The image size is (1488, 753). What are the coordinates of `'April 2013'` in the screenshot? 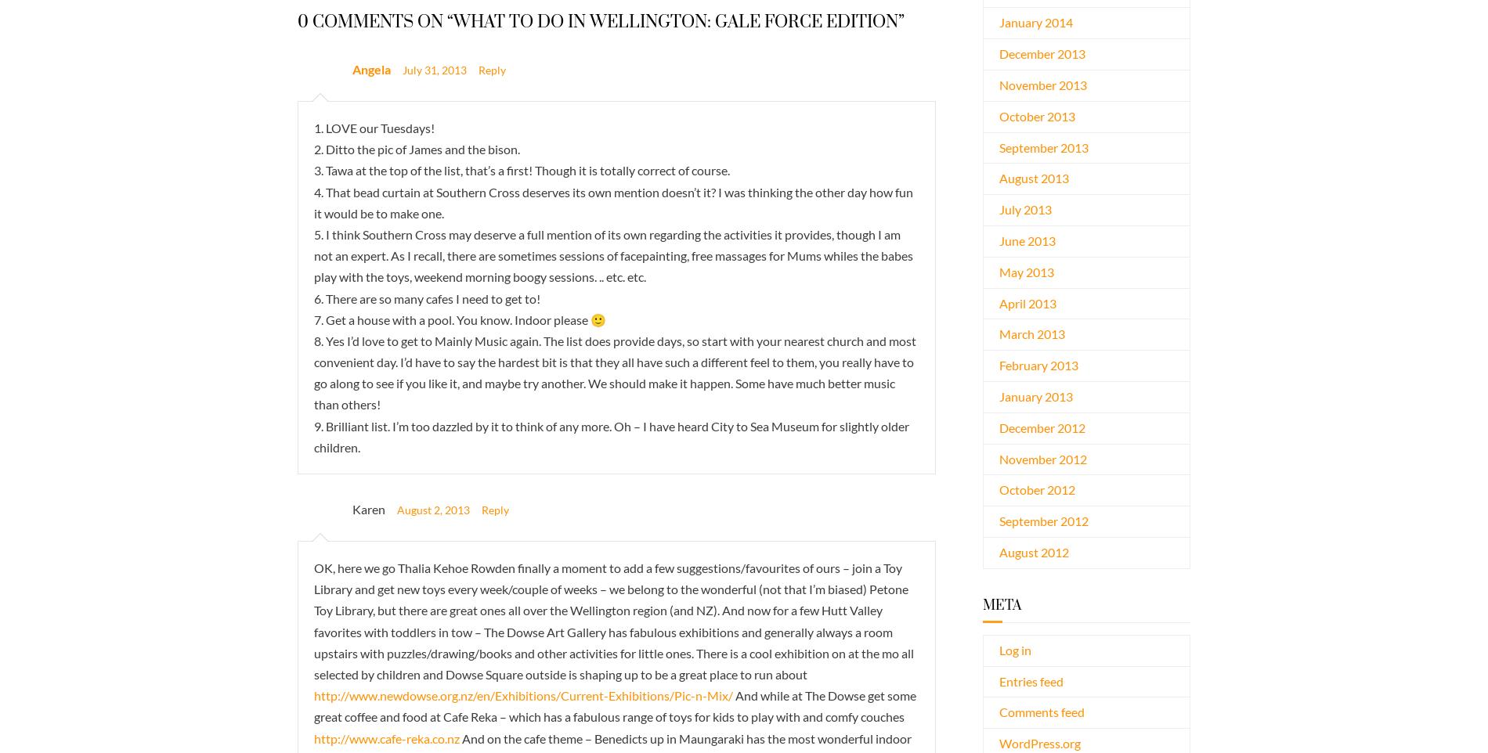 It's located at (1027, 301).